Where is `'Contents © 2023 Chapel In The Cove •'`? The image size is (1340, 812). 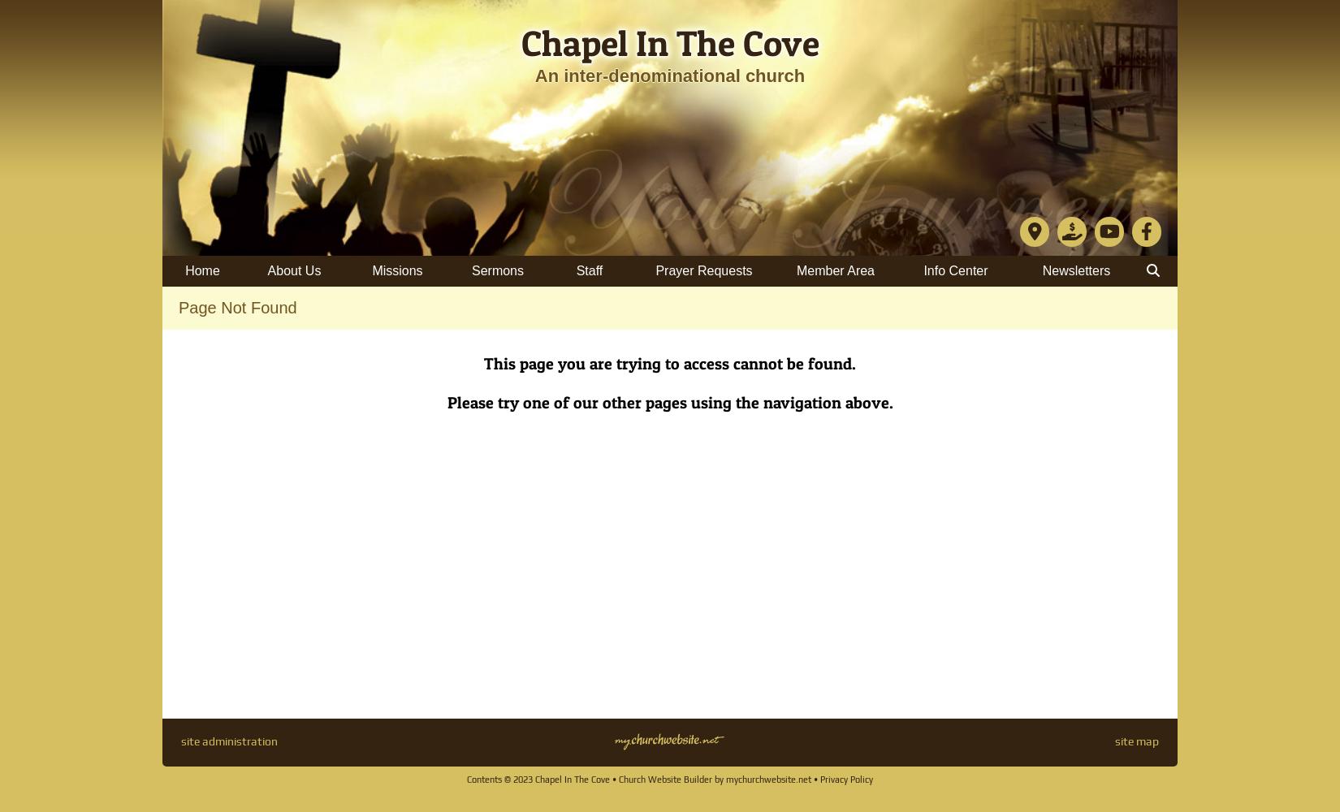 'Contents © 2023 Chapel In The Cove •' is located at coordinates (542, 779).